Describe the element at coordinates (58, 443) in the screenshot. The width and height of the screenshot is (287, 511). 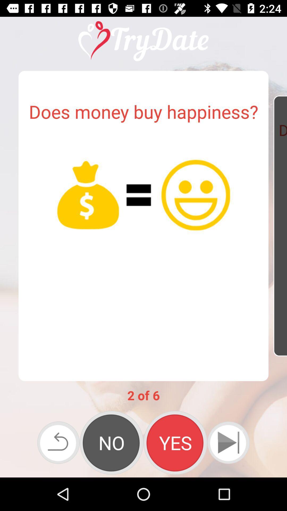
I see `the undo icon` at that location.